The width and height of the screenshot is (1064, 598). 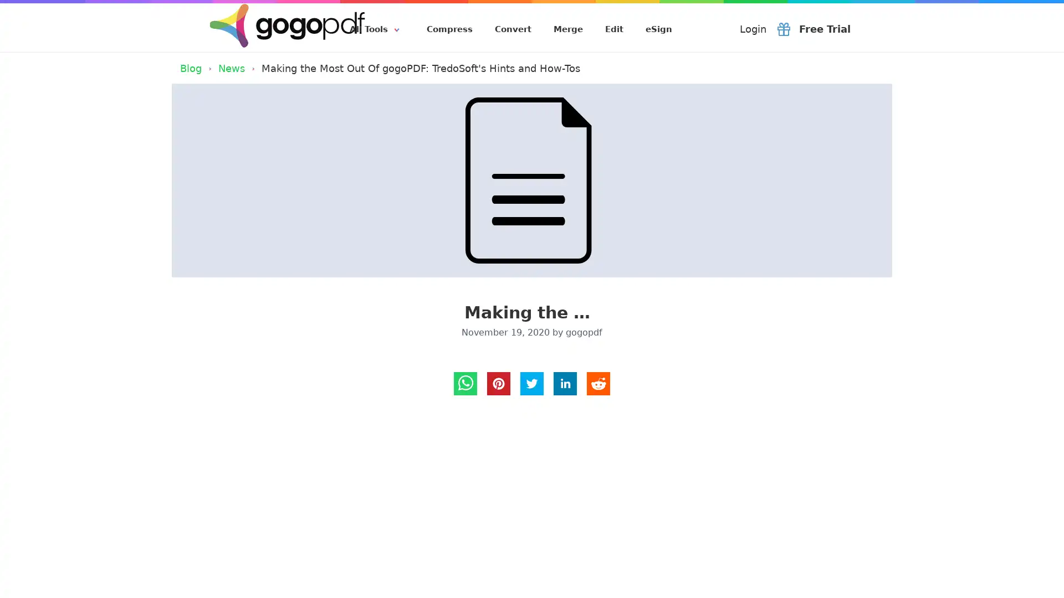 What do you see at coordinates (532, 383) in the screenshot?
I see `twitter` at bounding box center [532, 383].